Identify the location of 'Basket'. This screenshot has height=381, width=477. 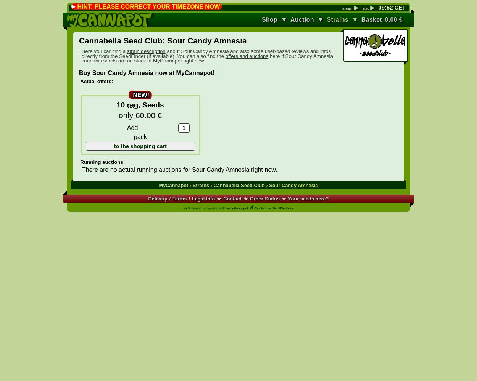
(371, 19).